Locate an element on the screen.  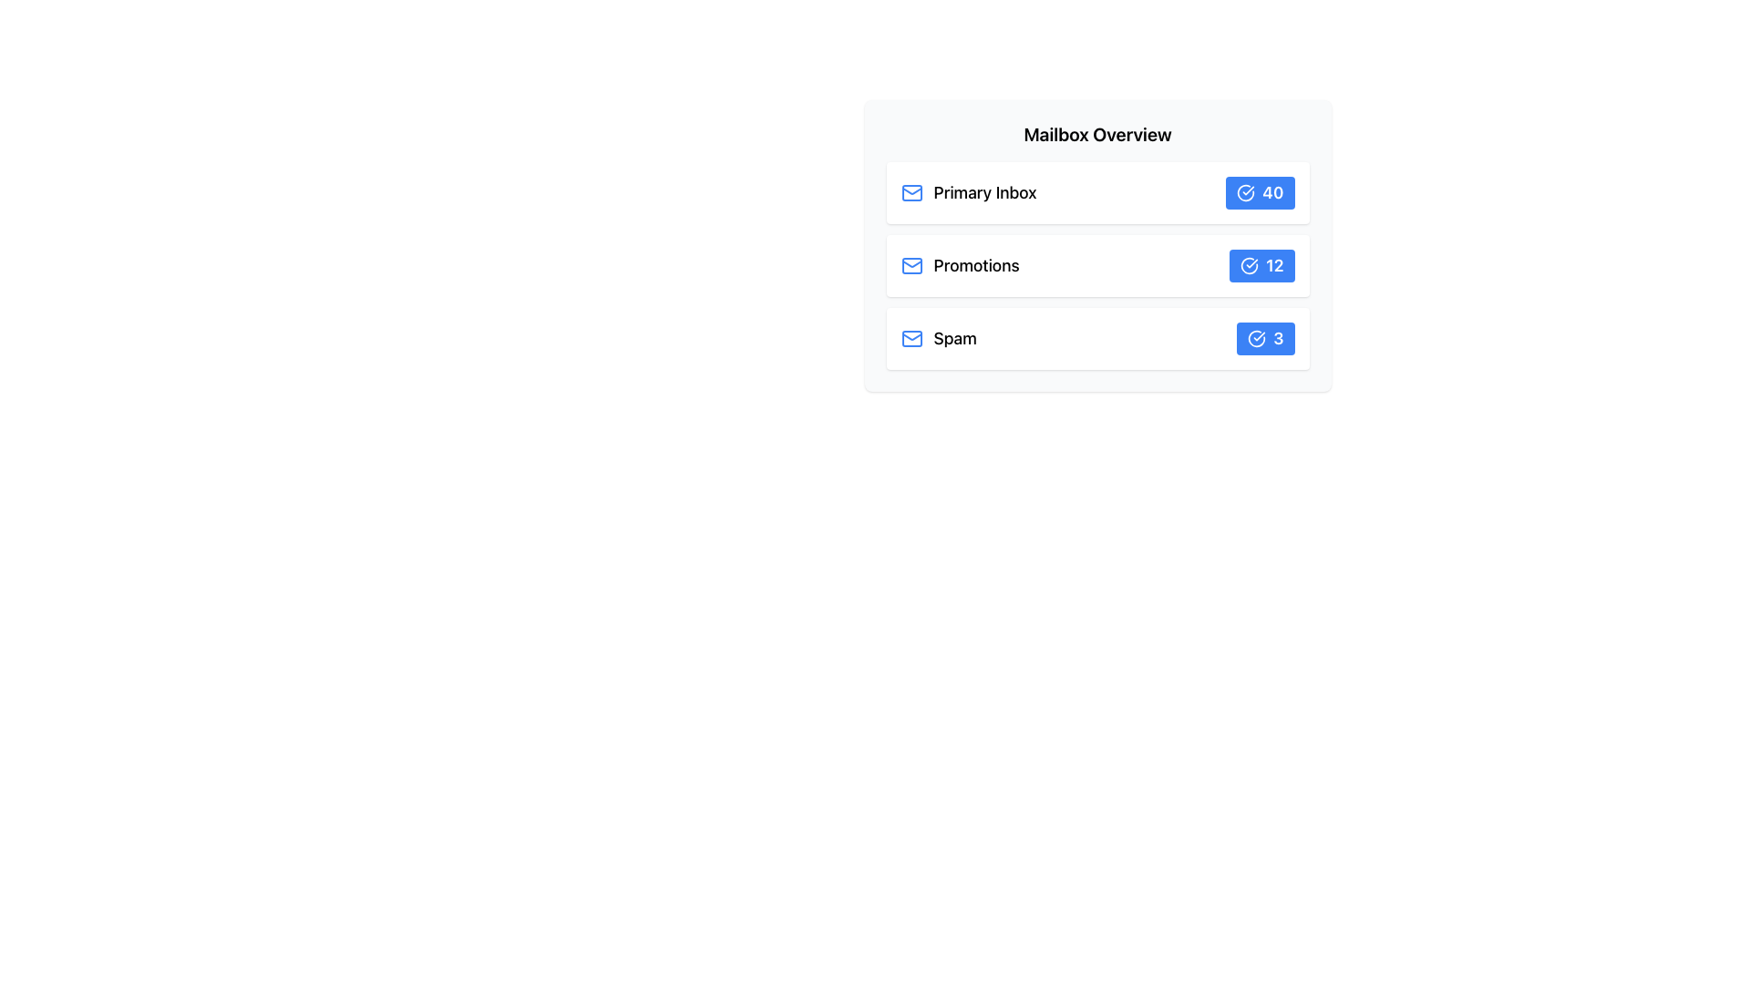
the badge styled button with a blue rounded background containing a check mark icon and the number '12', located in the second row of the card layout, aligning with the 'Promotions' label is located at coordinates (1261, 266).